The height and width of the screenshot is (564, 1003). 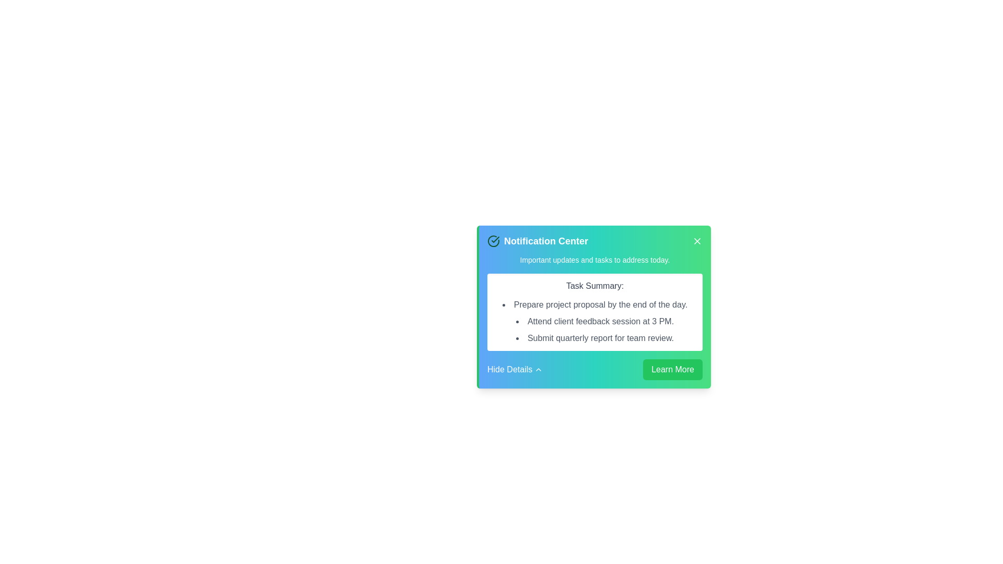 What do you see at coordinates (539, 369) in the screenshot?
I see `the collapsibility toggle icon located to the immediate right of the 'Hide Details' text label in the bottom-left corner of the notification card` at bounding box center [539, 369].